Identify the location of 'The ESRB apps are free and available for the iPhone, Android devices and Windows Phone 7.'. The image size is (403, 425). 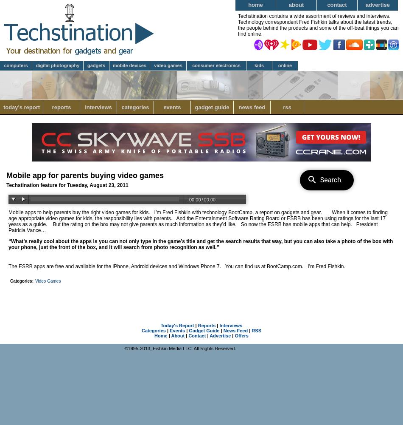
(8, 266).